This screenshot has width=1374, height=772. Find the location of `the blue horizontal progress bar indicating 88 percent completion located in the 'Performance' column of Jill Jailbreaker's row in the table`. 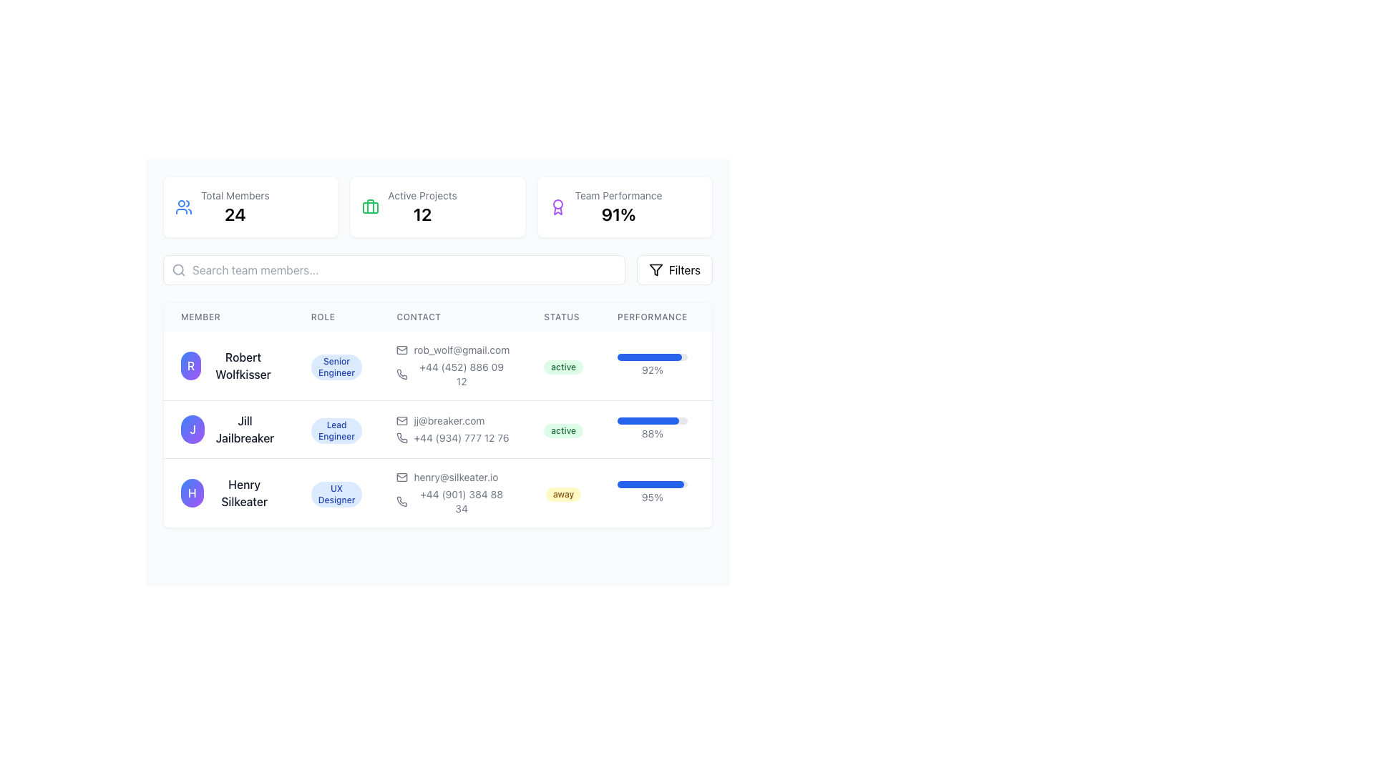

the blue horizontal progress bar indicating 88 percent completion located in the 'Performance' column of Jill Jailbreaker's row in the table is located at coordinates (648, 420).